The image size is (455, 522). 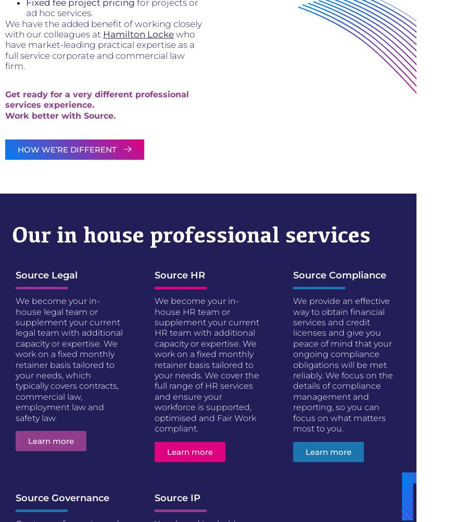 What do you see at coordinates (179, 274) in the screenshot?
I see `'Source HR'` at bounding box center [179, 274].